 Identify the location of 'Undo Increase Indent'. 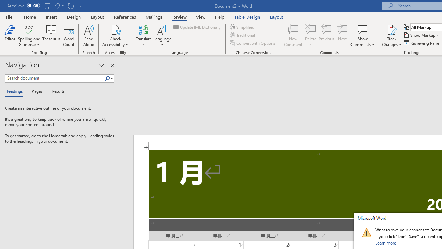
(59, 6).